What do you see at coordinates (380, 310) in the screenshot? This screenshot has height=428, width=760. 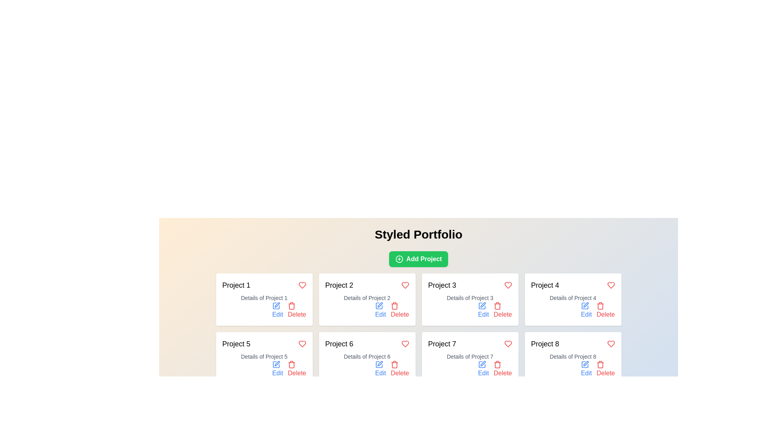 I see `the 'Edit' Link-button with a pen icon` at bounding box center [380, 310].